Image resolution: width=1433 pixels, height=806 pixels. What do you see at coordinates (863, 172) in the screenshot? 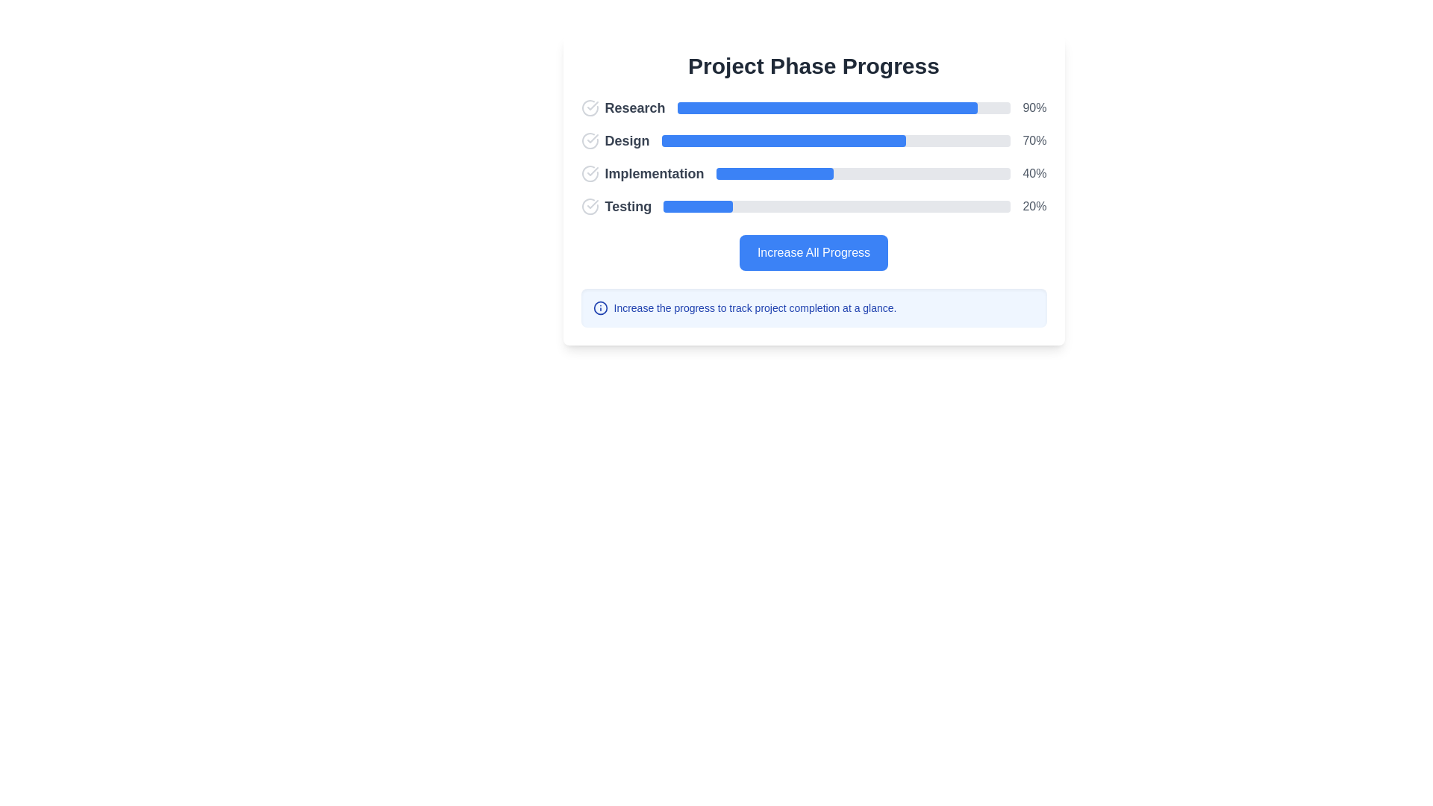
I see `style of the progress bar indicating completion percentage for the 'Implementation' phase located below the 'Design' progress bar` at bounding box center [863, 172].